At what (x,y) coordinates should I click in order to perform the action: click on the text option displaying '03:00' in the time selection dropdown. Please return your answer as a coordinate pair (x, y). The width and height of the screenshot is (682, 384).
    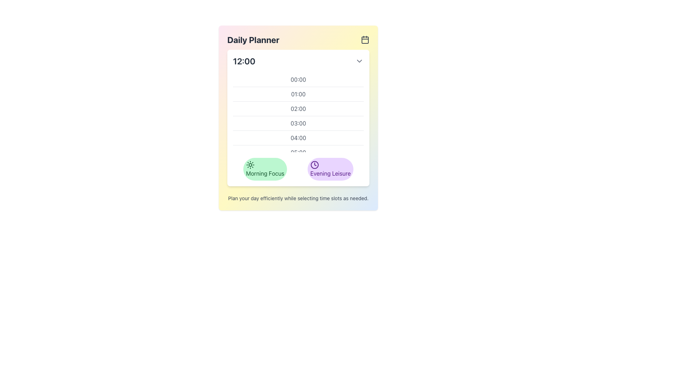
    Looking at the image, I should click on (298, 123).